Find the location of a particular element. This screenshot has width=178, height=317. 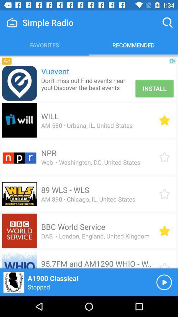

item next to the don t miss item is located at coordinates (154, 88).